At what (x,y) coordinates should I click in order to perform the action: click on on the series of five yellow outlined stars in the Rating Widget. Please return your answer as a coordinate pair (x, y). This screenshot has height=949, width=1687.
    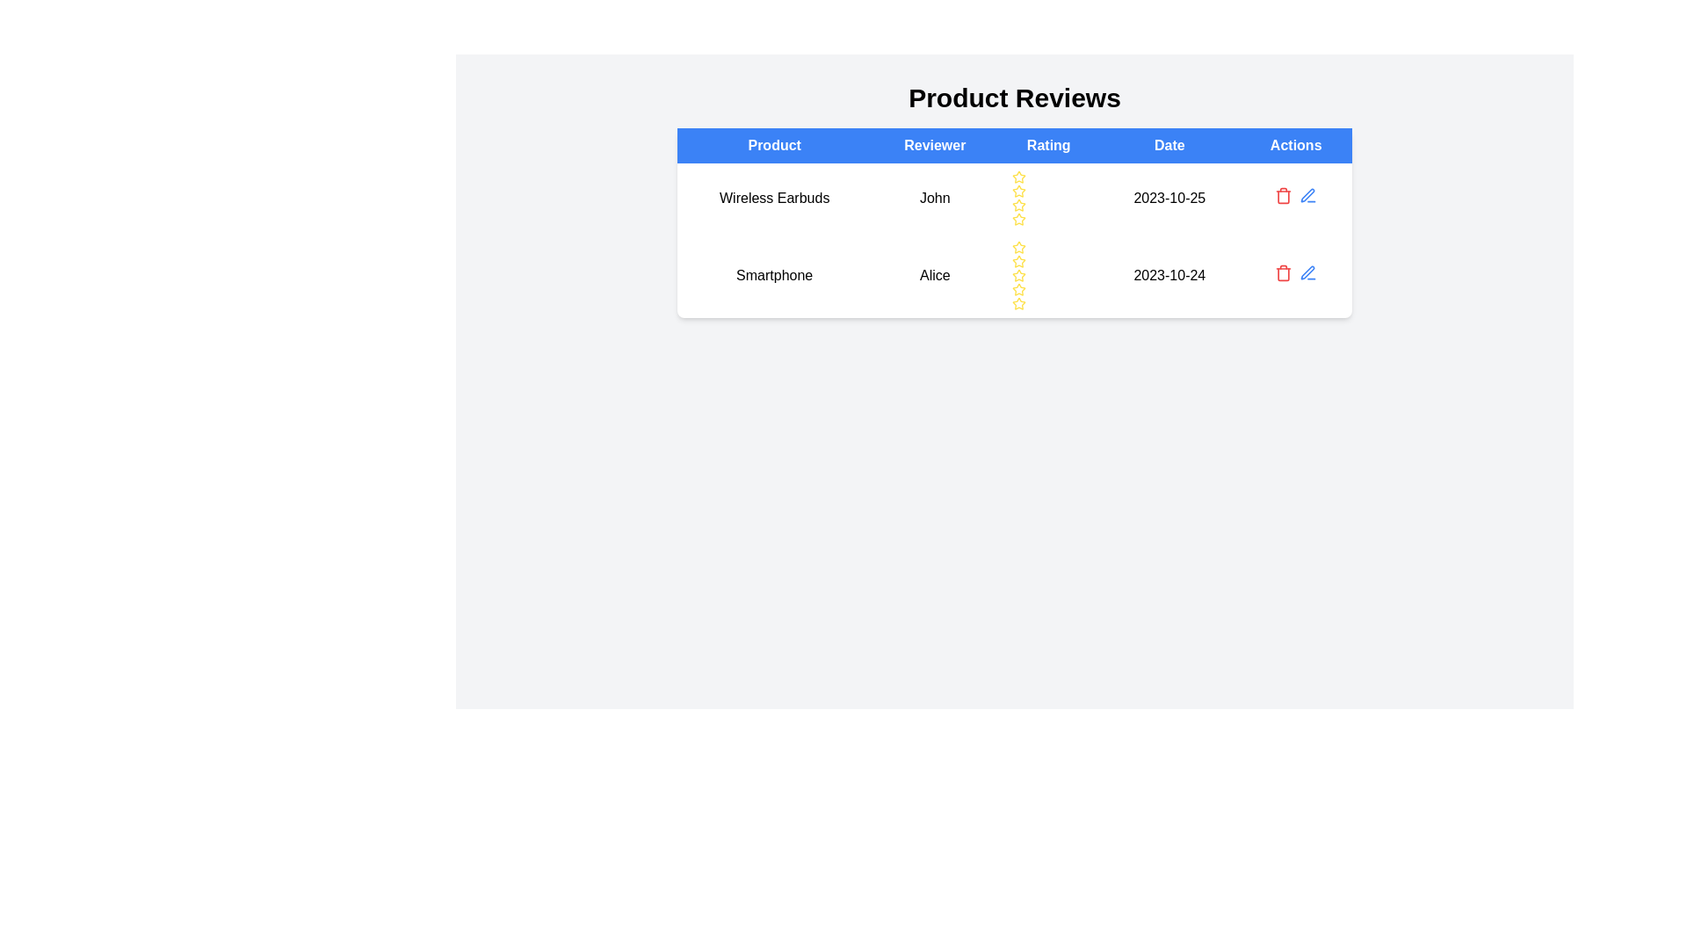
    Looking at the image, I should click on (1048, 275).